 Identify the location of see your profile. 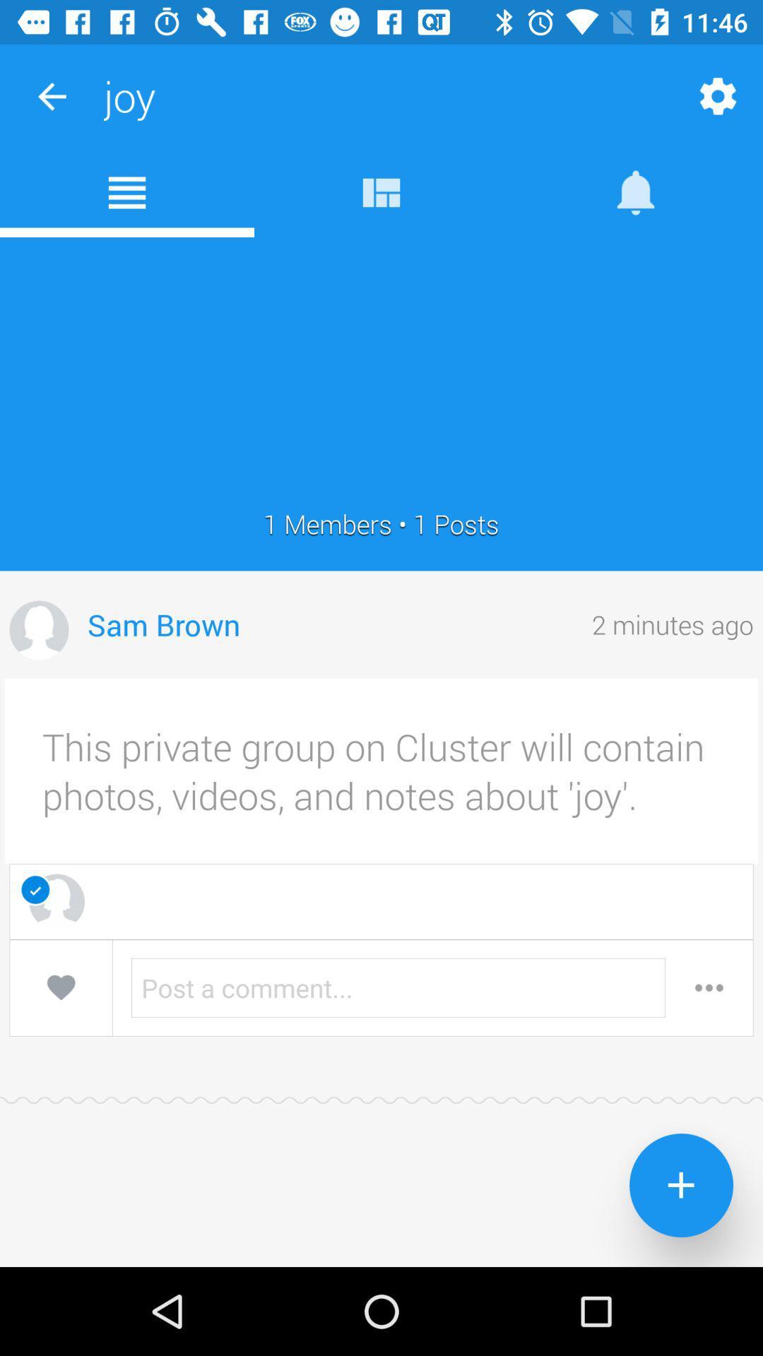
(38, 629).